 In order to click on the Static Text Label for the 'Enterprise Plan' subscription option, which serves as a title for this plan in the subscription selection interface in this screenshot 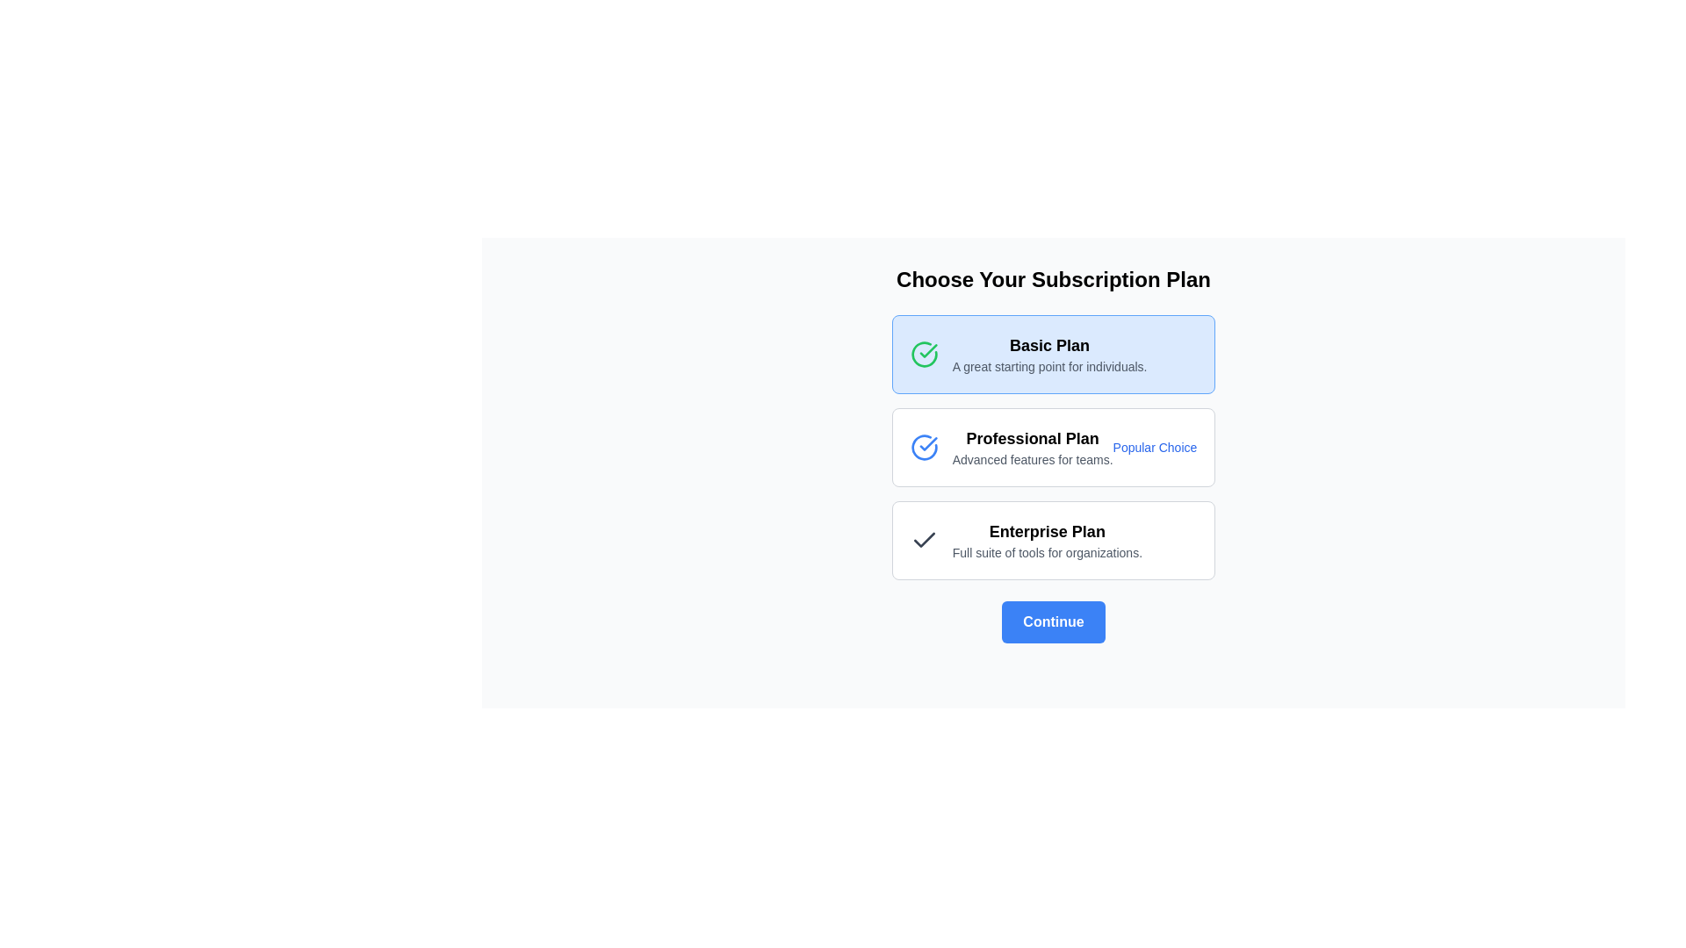, I will do `click(1047, 530)`.